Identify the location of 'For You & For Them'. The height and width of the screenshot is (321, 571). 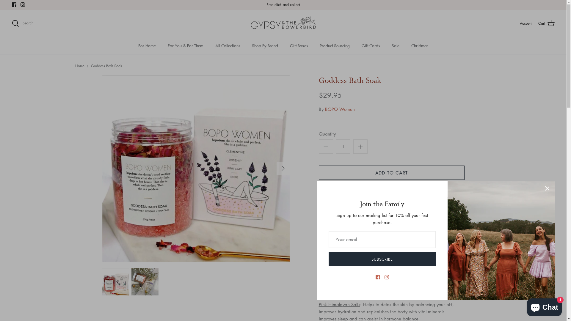
(185, 45).